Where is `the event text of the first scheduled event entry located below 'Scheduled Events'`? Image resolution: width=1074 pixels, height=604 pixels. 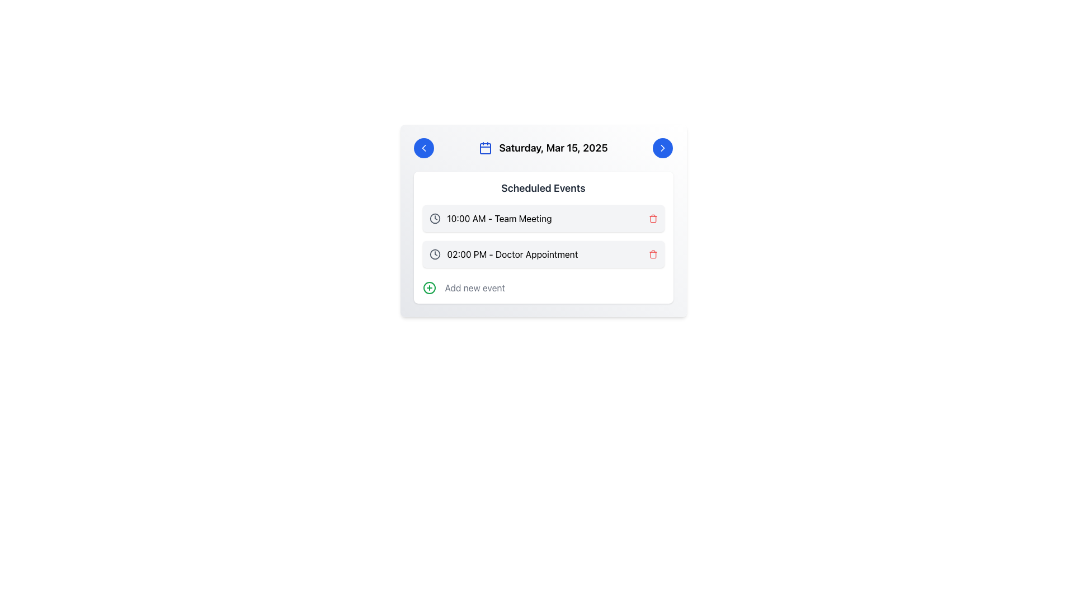 the event text of the first scheduled event entry located below 'Scheduled Events' is located at coordinates (543, 218).